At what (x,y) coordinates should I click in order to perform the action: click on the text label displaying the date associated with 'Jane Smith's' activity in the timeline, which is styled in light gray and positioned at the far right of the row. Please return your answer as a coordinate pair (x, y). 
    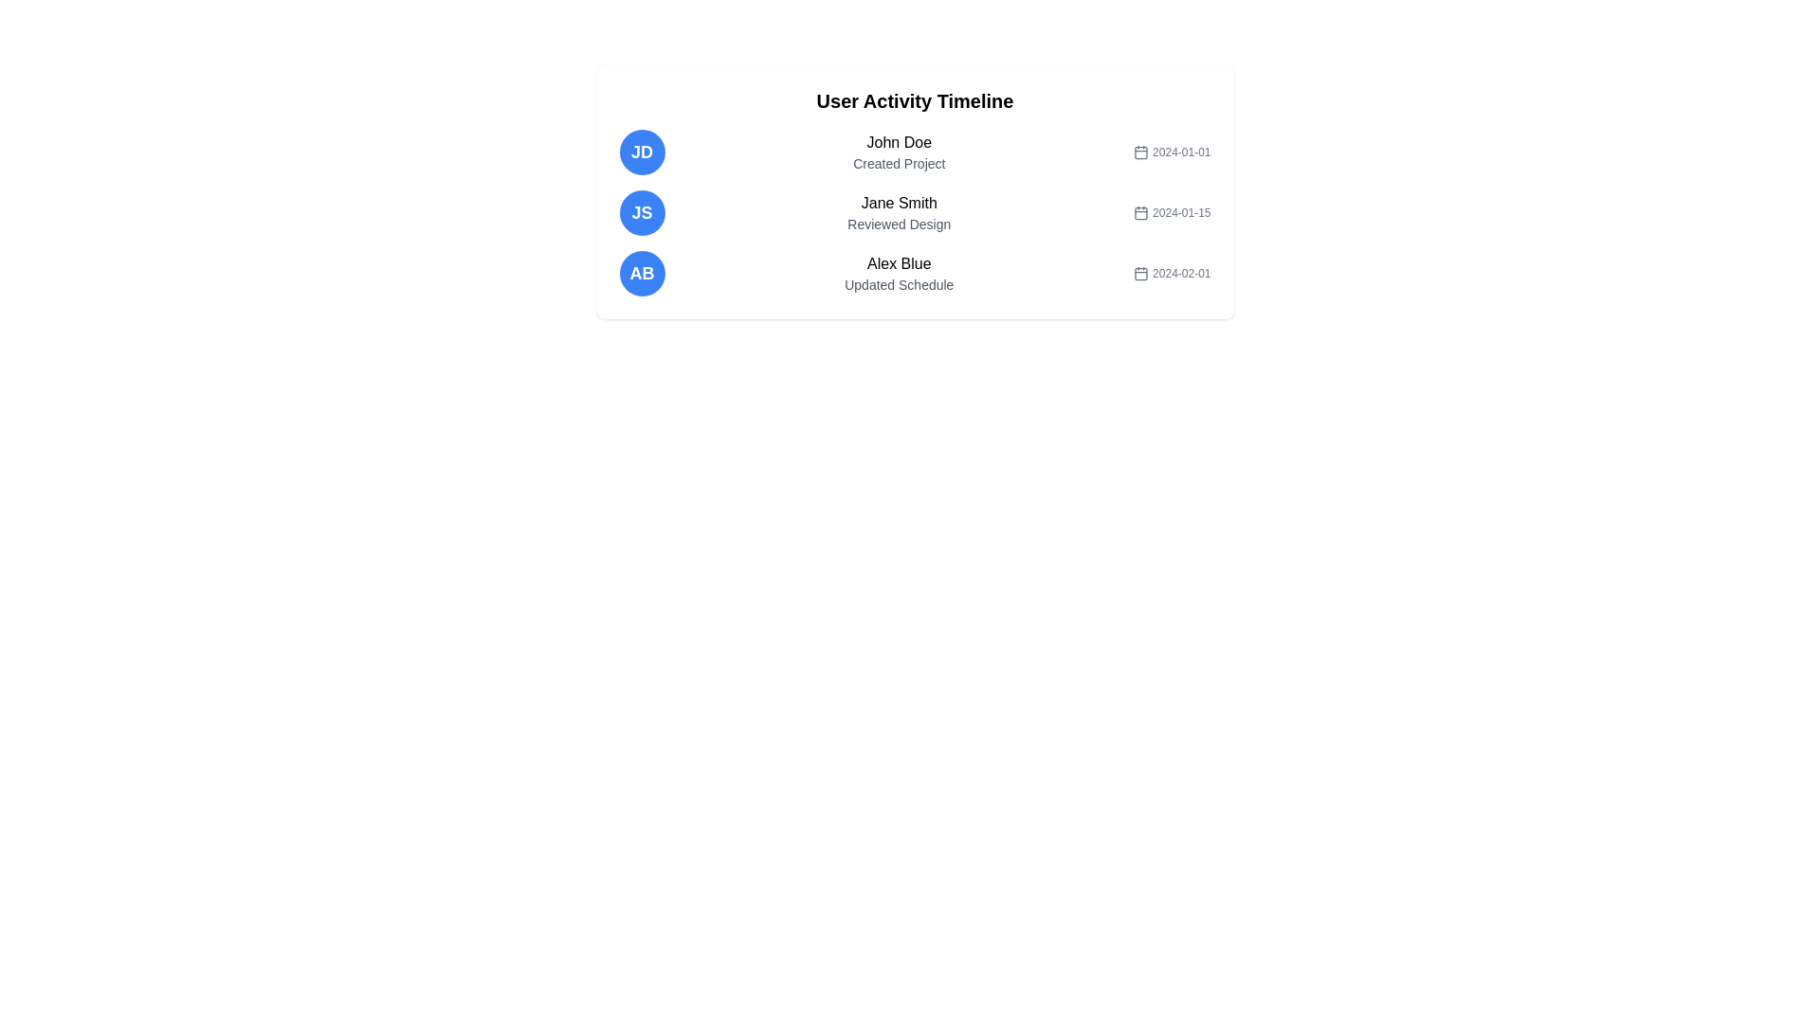
    Looking at the image, I should click on (1171, 212).